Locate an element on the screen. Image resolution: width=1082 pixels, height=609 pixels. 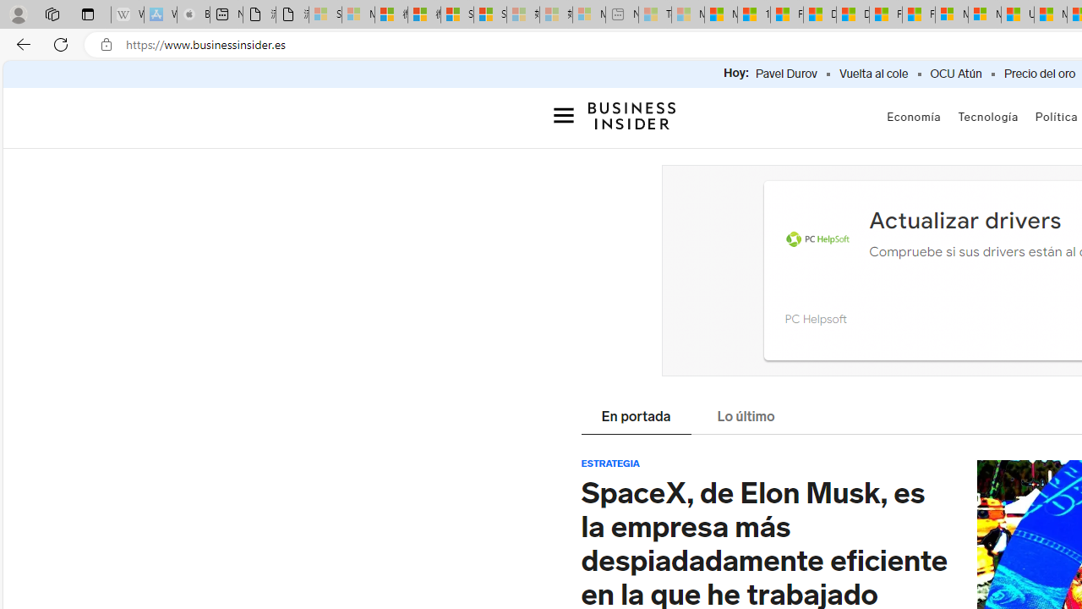
'Precio del oro' is located at coordinates (1039, 74).